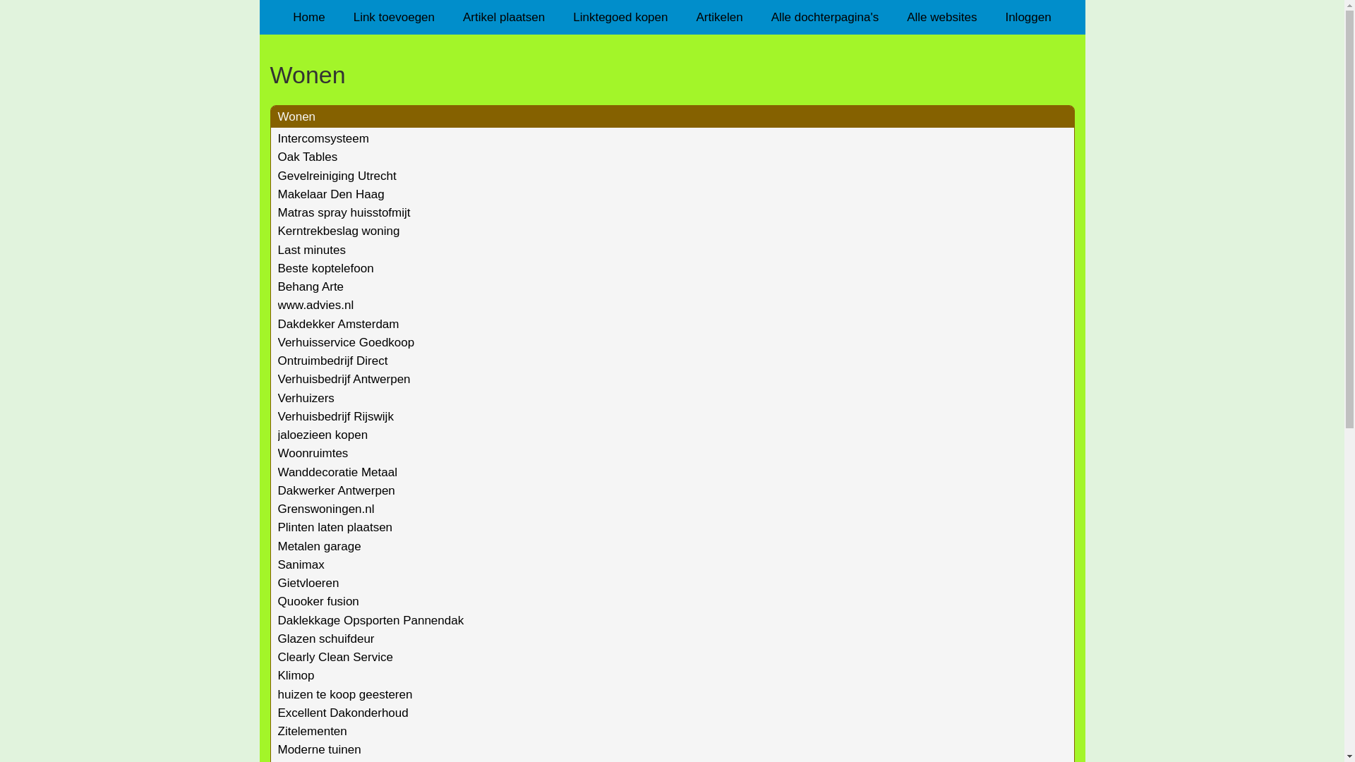 The image size is (1355, 762). Describe the element at coordinates (337, 472) in the screenshot. I see `'Wanddecoratie Metaal'` at that location.